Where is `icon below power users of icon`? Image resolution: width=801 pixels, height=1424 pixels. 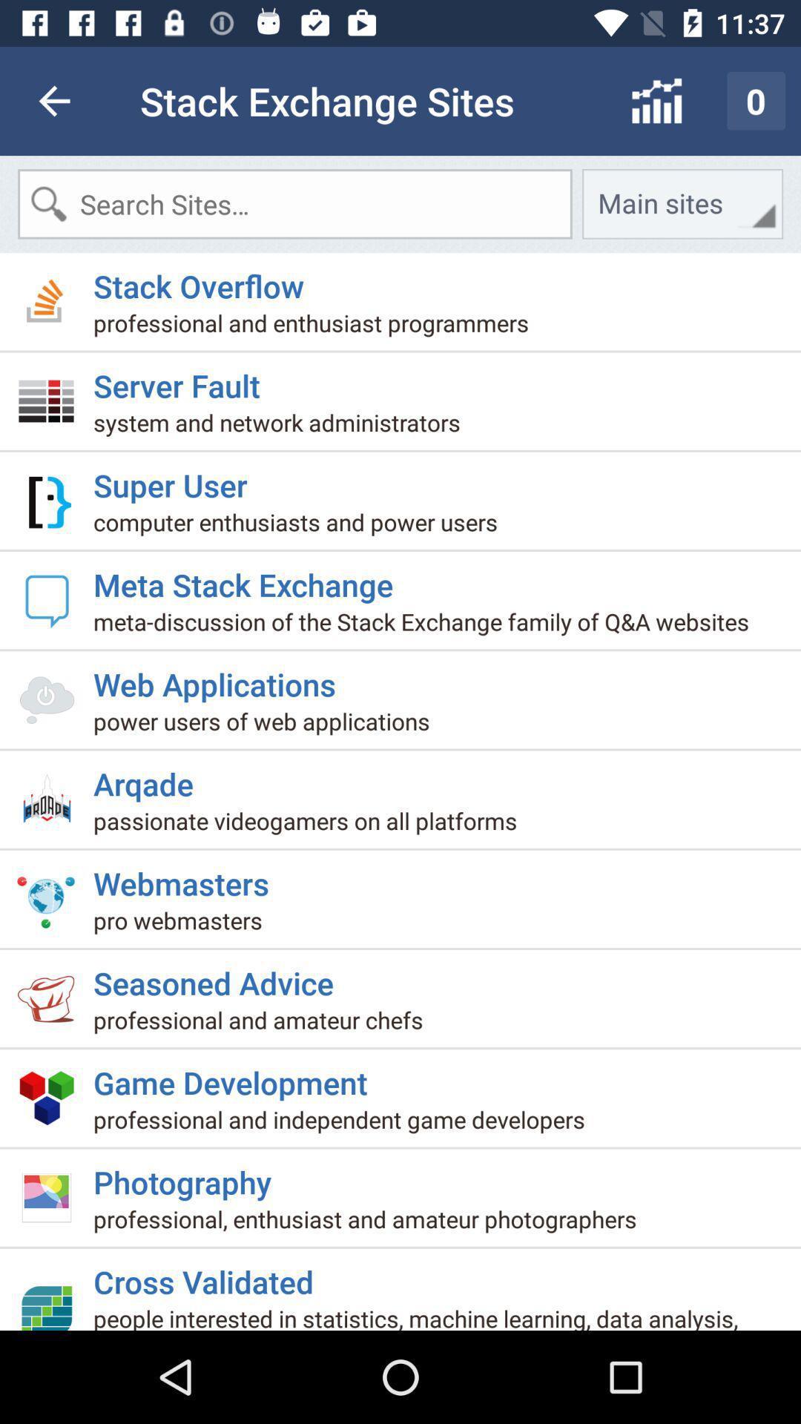 icon below power users of icon is located at coordinates (149, 777).